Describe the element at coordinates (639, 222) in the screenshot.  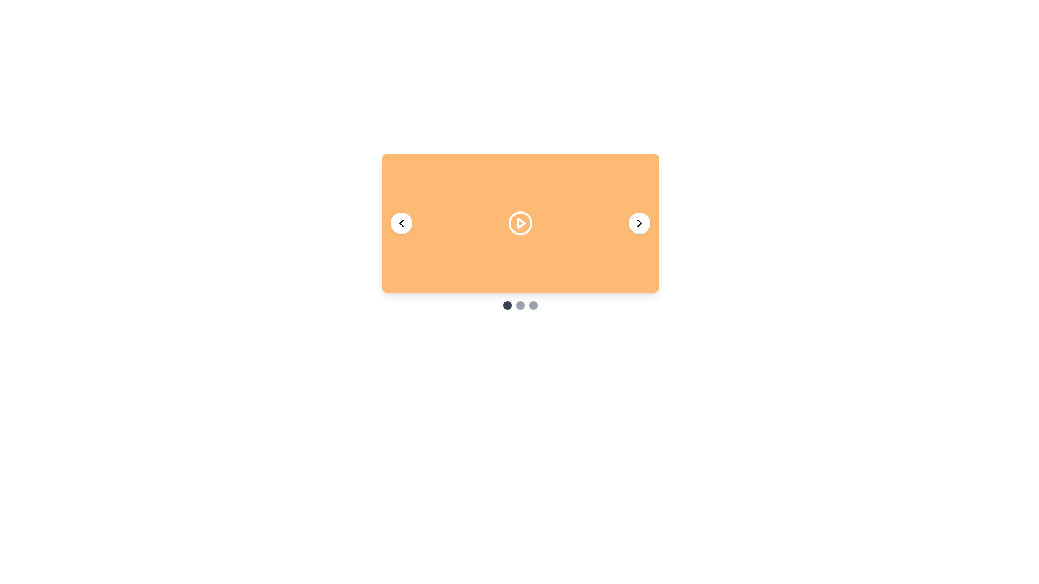
I see `the navigation icon located on the right side of the orange rectangle button` at that location.